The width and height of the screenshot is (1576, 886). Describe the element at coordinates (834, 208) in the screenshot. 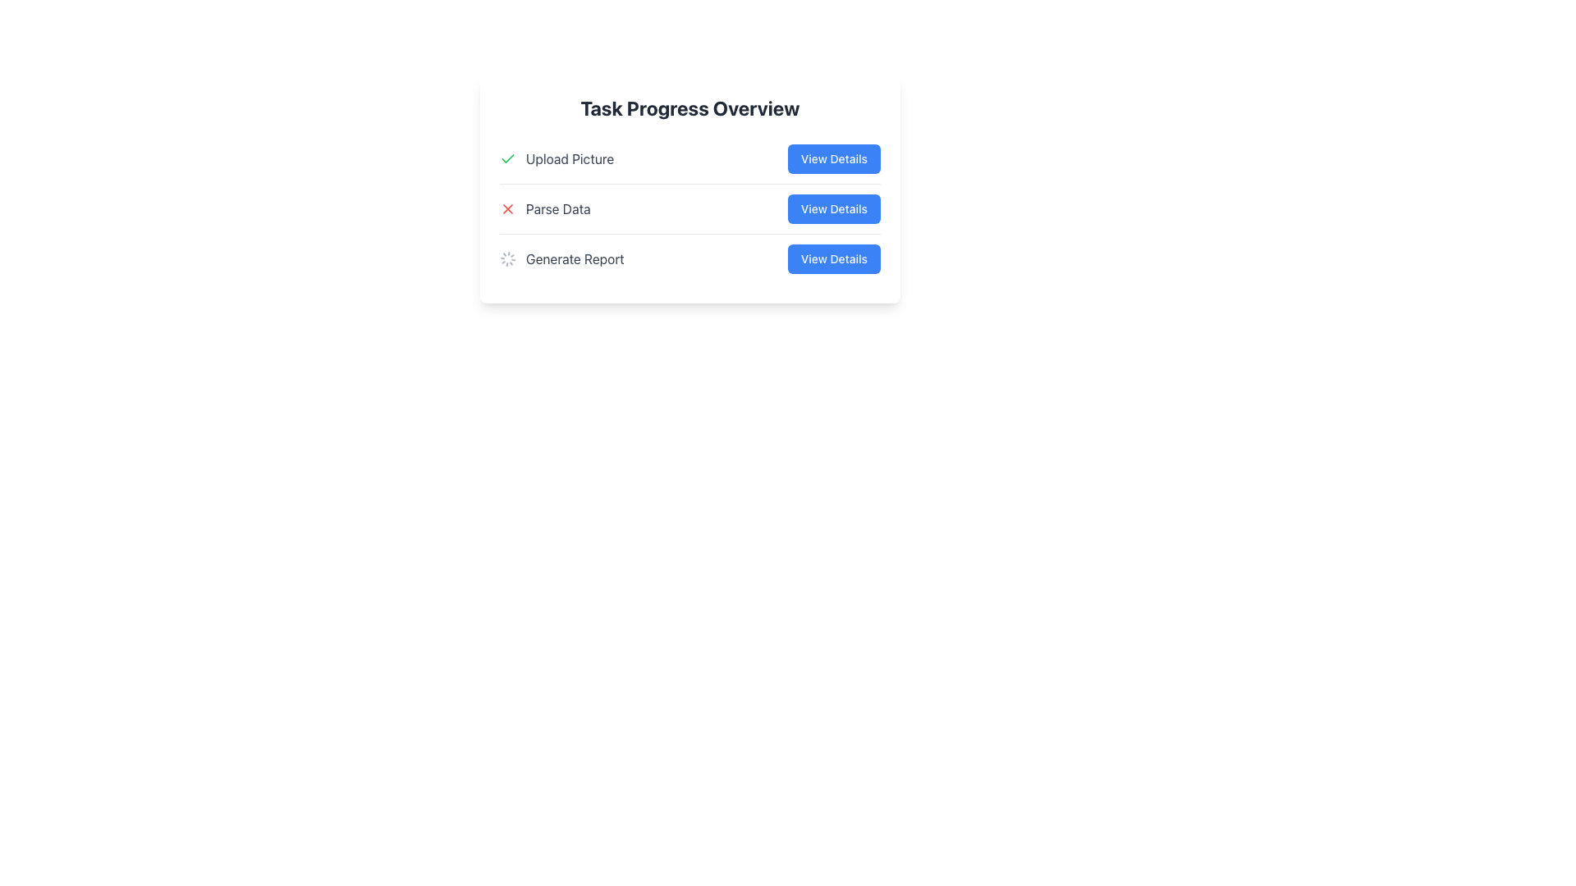

I see `the blue rectangular button with rounded edges that reads 'View Details'` at that location.